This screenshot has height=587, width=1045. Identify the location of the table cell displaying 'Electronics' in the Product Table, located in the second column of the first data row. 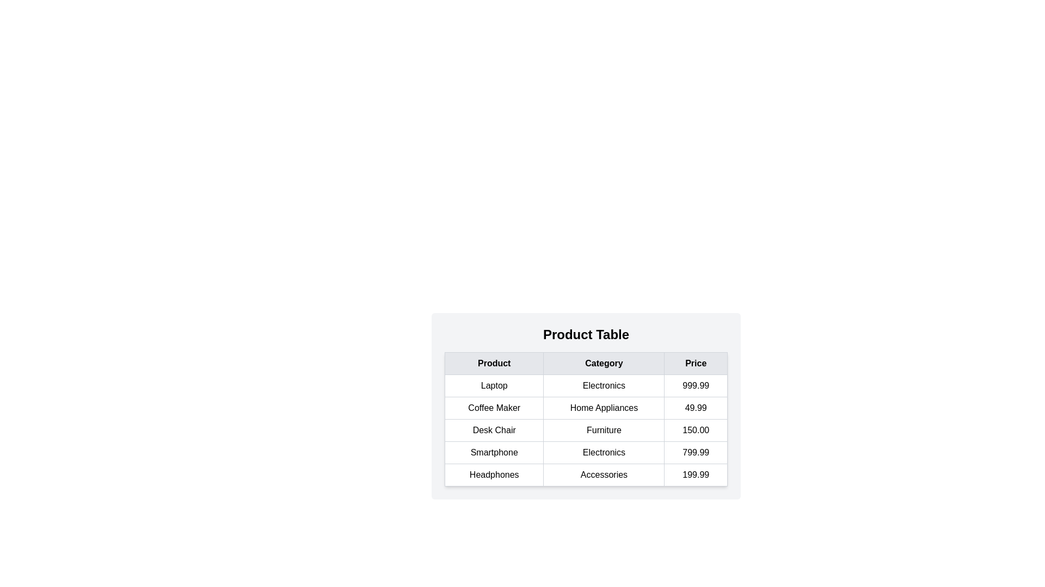
(585, 385).